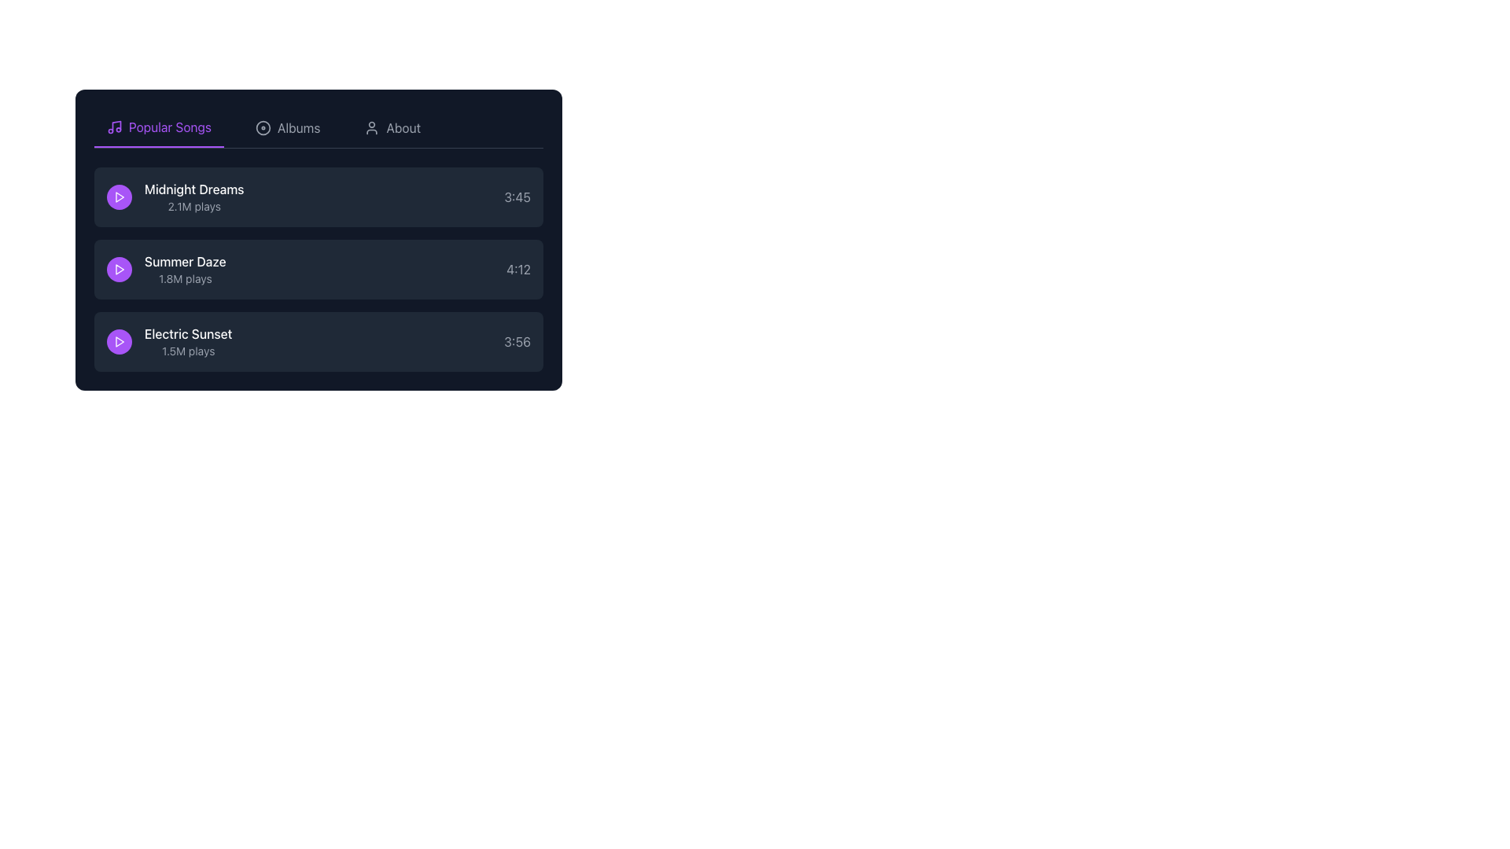 This screenshot has height=849, width=1510. What do you see at coordinates (188, 333) in the screenshot?
I see `the static text label displaying 'Electric Sunset' which is located in the third item of the song list in the music player interface` at bounding box center [188, 333].